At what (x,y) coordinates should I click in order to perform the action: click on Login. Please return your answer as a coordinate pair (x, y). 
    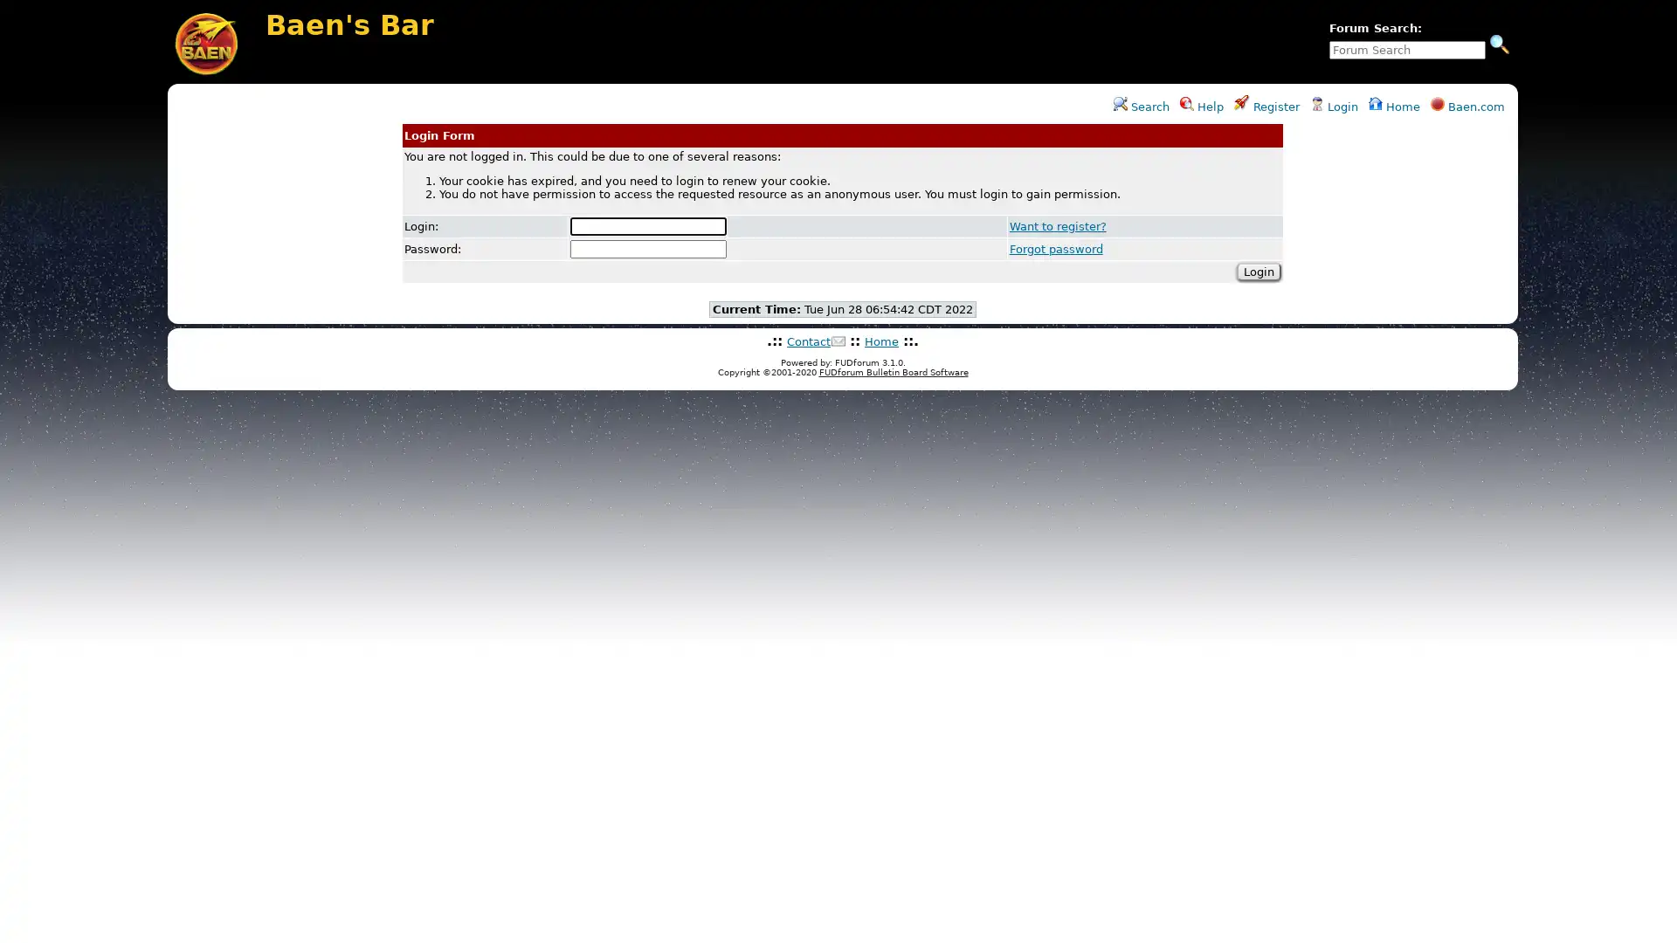
    Looking at the image, I should click on (1258, 271).